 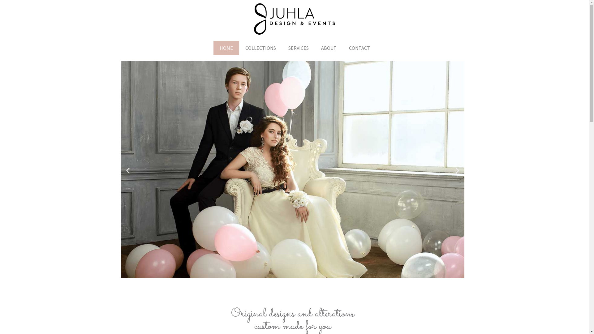 I want to click on 'COLLECTIONS', so click(x=260, y=47).